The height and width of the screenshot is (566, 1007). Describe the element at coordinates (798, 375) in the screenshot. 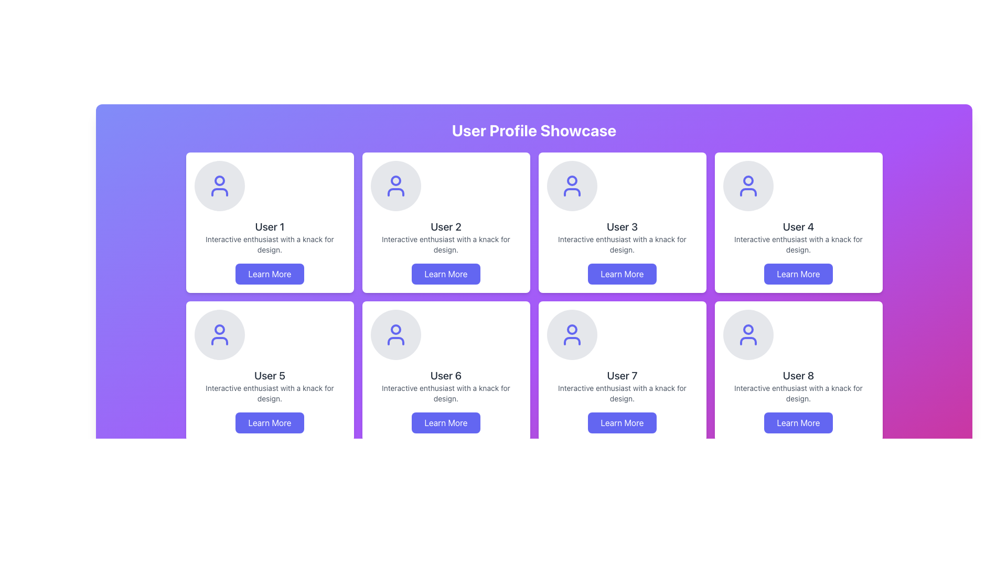

I see `header text label for 'User 8' located in the eighth card of the 4x2 grid layout, positioned below the avatar icon` at that location.